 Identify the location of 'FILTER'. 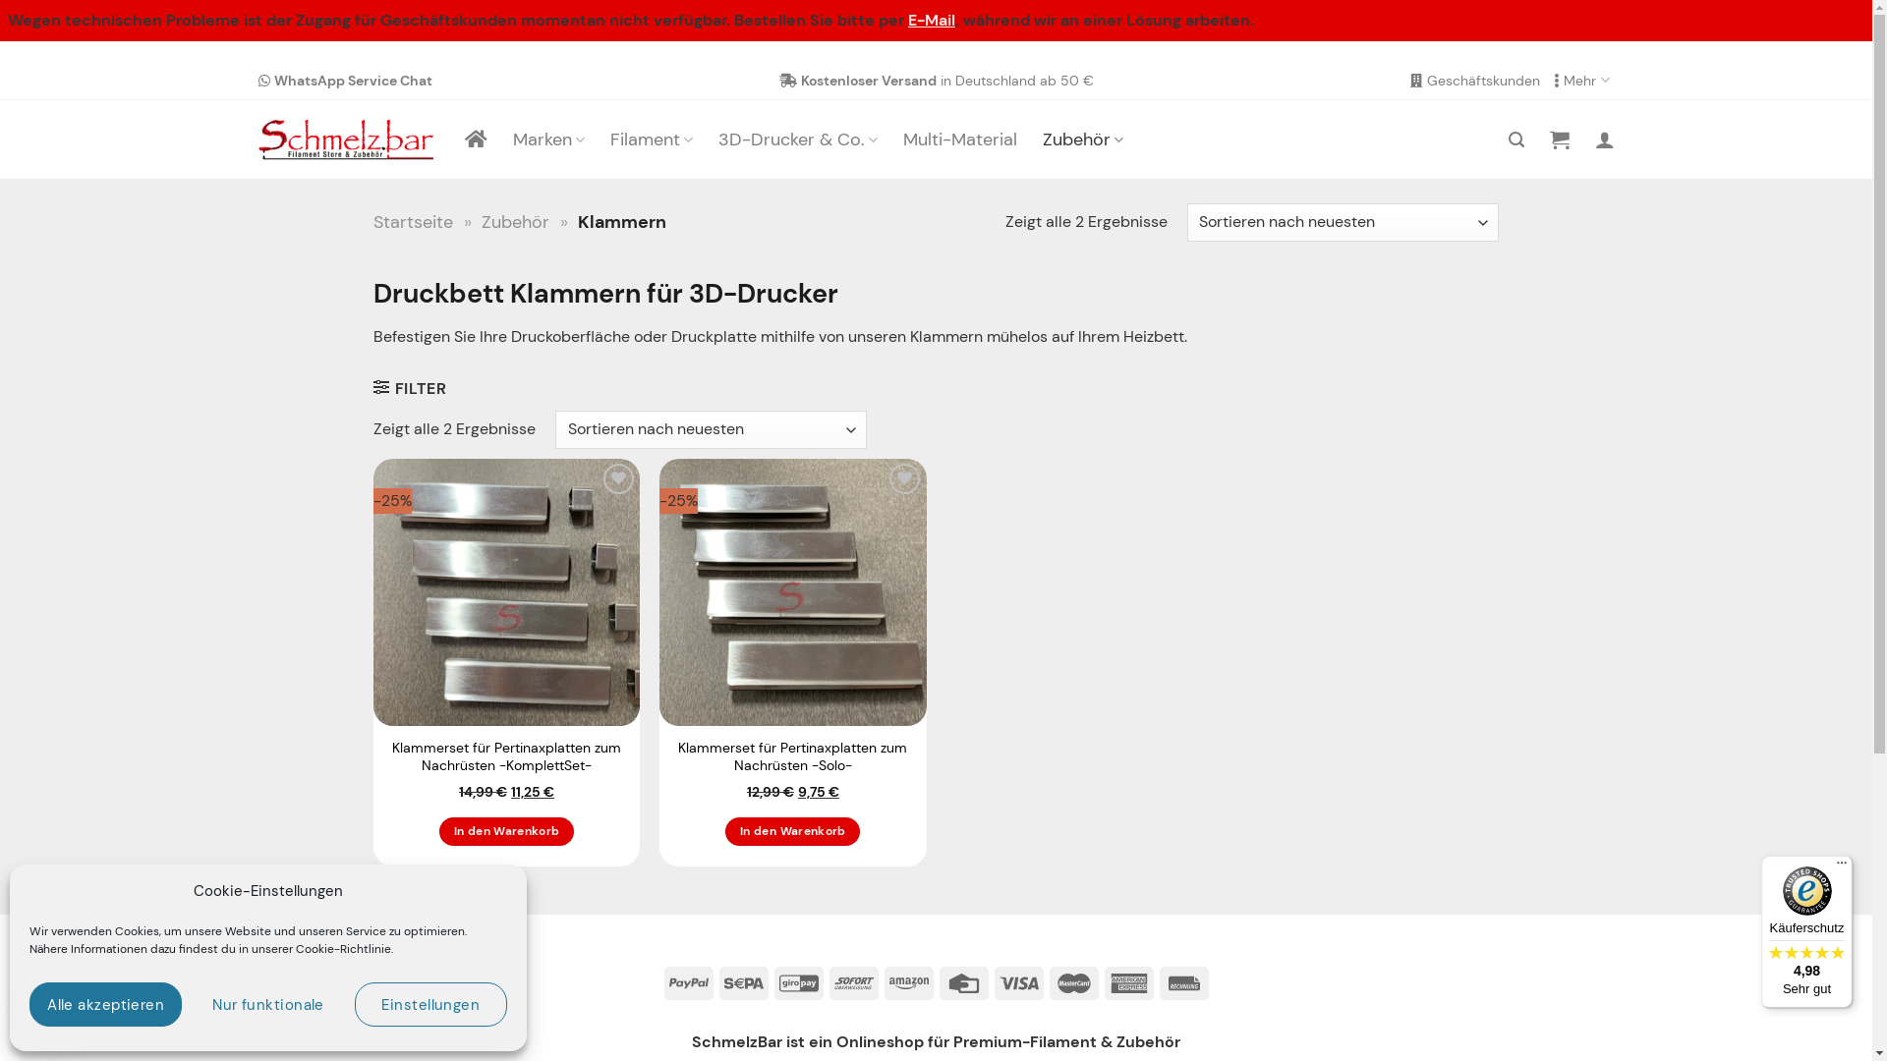
(372, 387).